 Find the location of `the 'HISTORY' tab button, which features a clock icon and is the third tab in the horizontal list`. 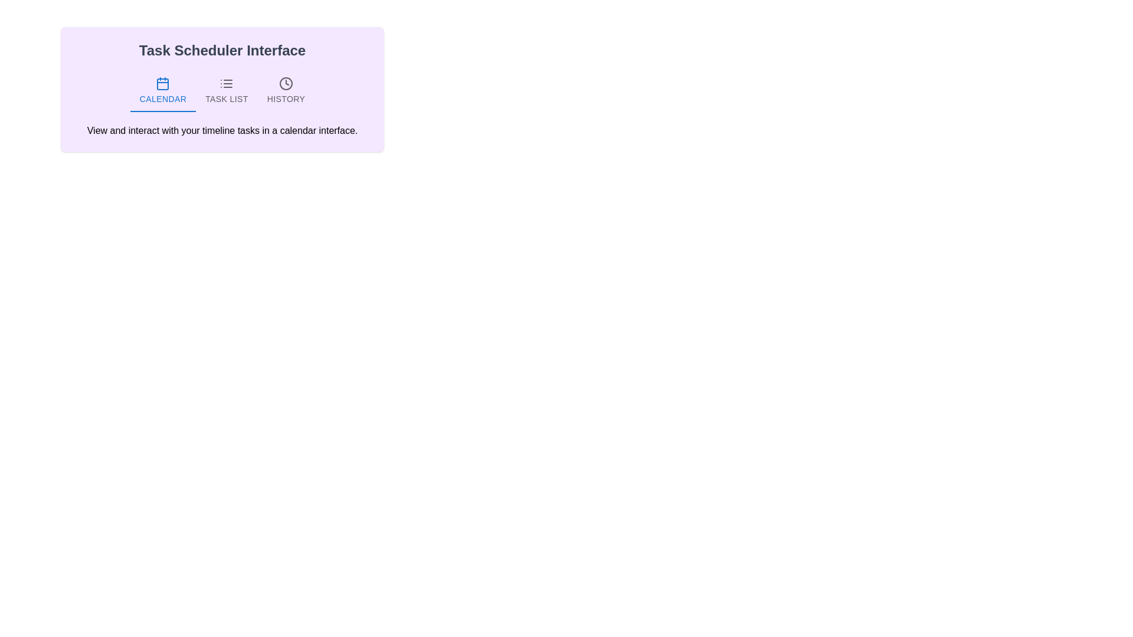

the 'HISTORY' tab button, which features a clock icon and is the third tab in the horizontal list is located at coordinates (286, 90).